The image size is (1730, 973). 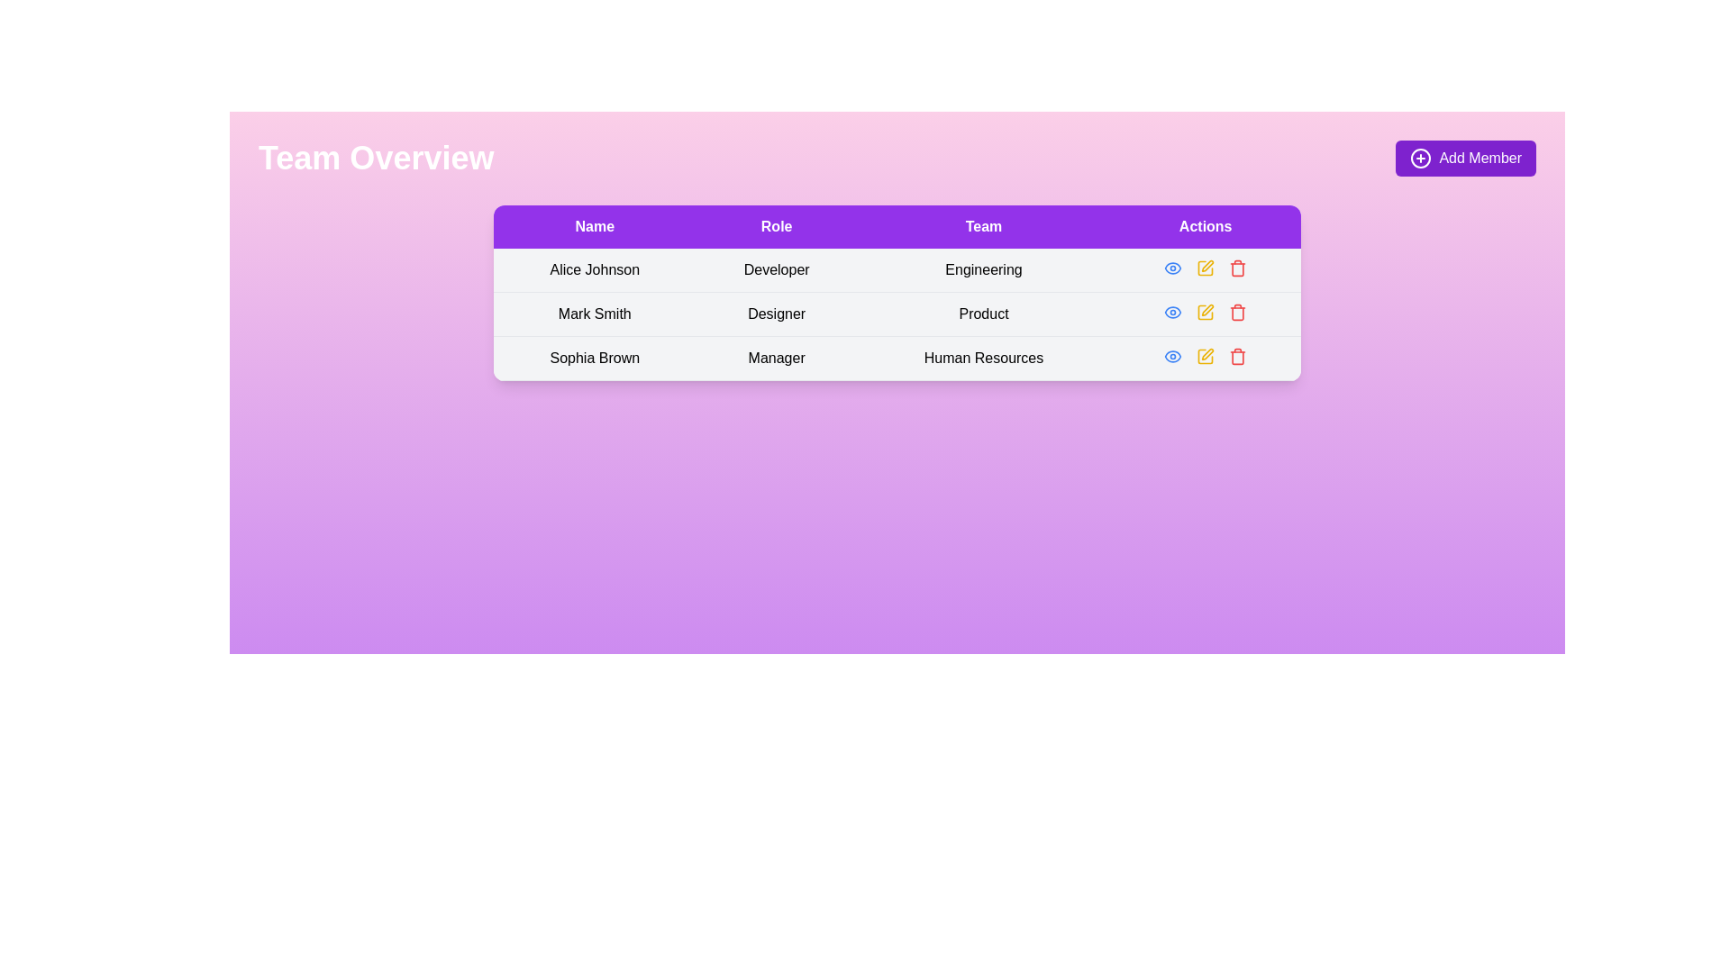 I want to click on the edit icon in the 'Actions' column for the row corresponding to 'Sophia Brown' to initiate an edit action, so click(x=1206, y=357).